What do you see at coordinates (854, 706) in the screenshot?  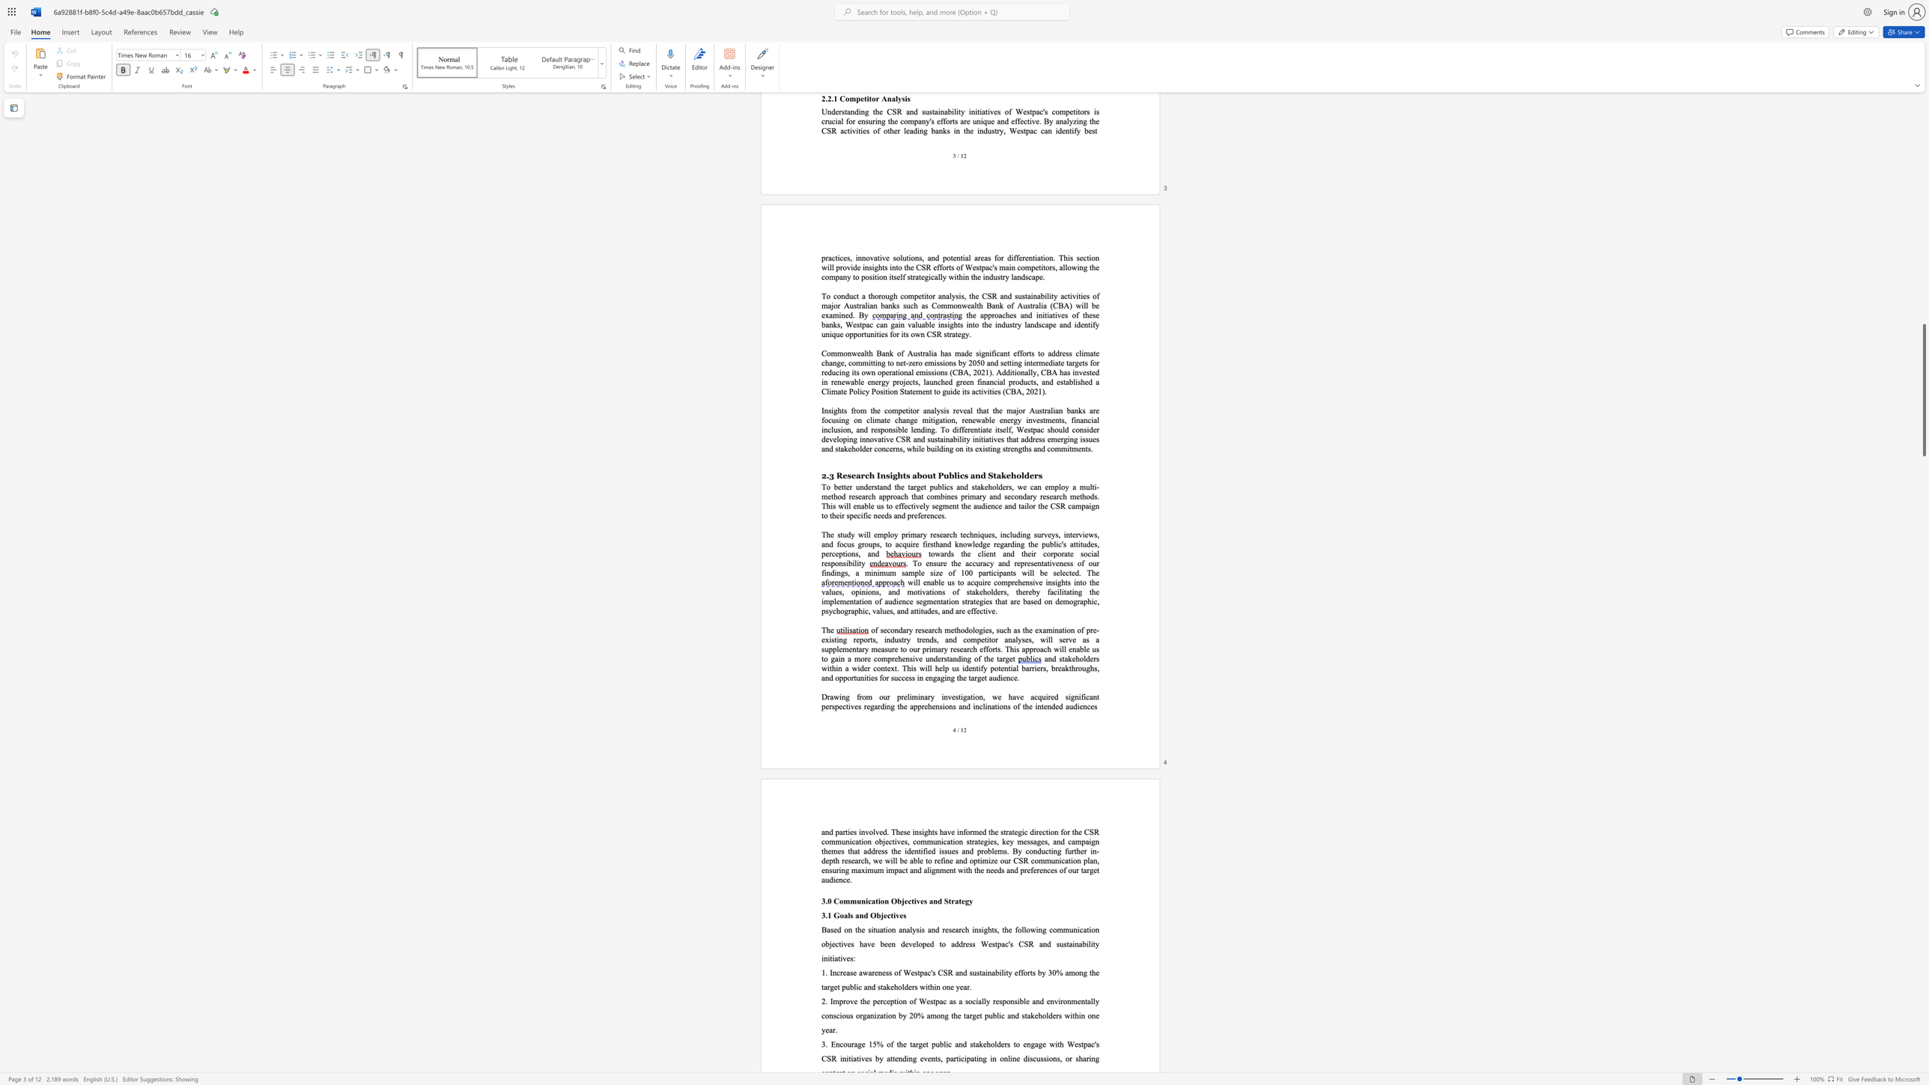 I see `the subset text "es" within the text "significant perspectives"` at bounding box center [854, 706].